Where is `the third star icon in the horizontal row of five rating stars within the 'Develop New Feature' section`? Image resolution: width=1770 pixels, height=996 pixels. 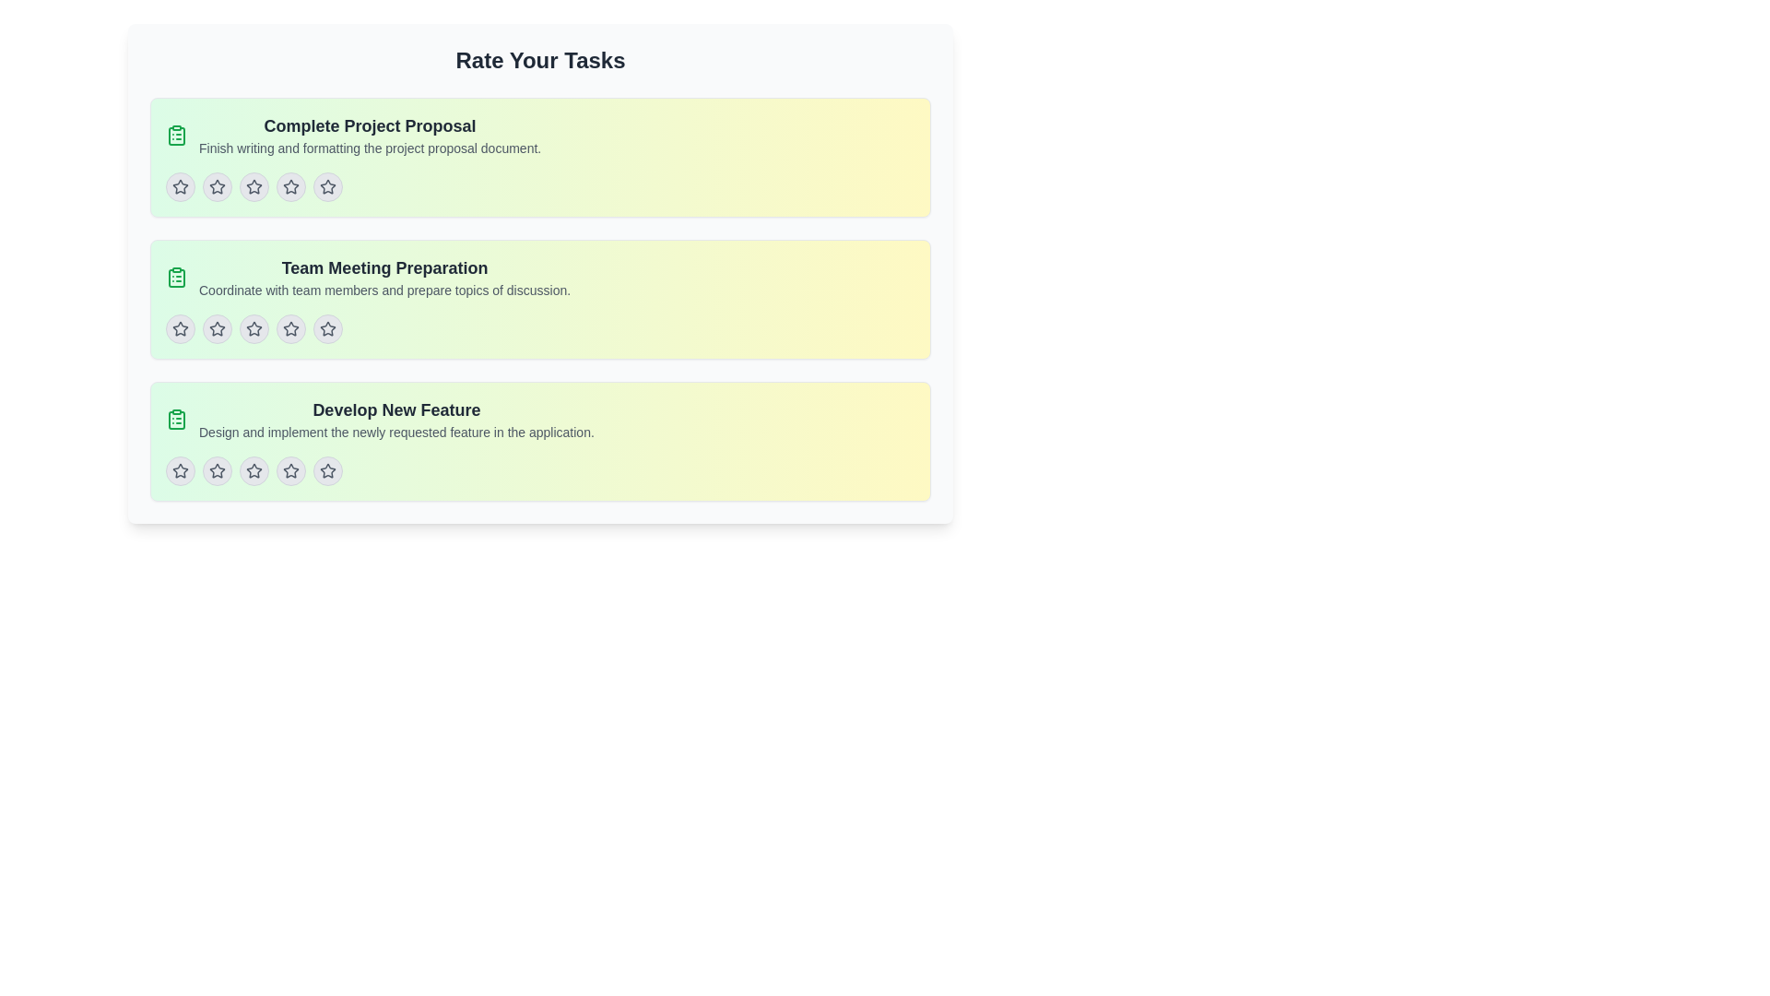
the third star icon in the horizontal row of five rating stars within the 'Develop New Feature' section is located at coordinates (290, 469).